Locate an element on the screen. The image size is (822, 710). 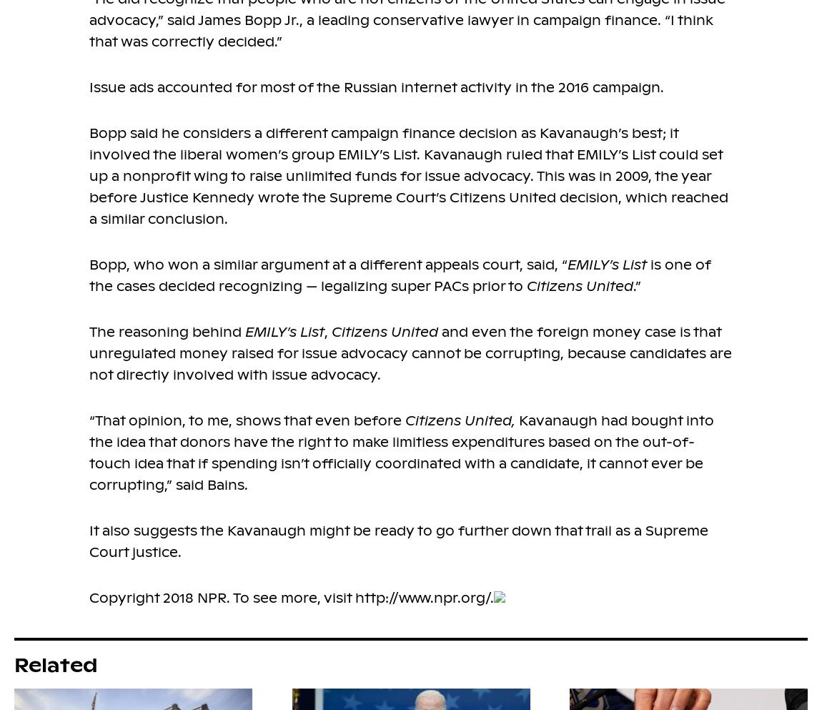
'Issue ads accounted for most of the Russian internet activity in the 2016 campaign.' is located at coordinates (377, 87).